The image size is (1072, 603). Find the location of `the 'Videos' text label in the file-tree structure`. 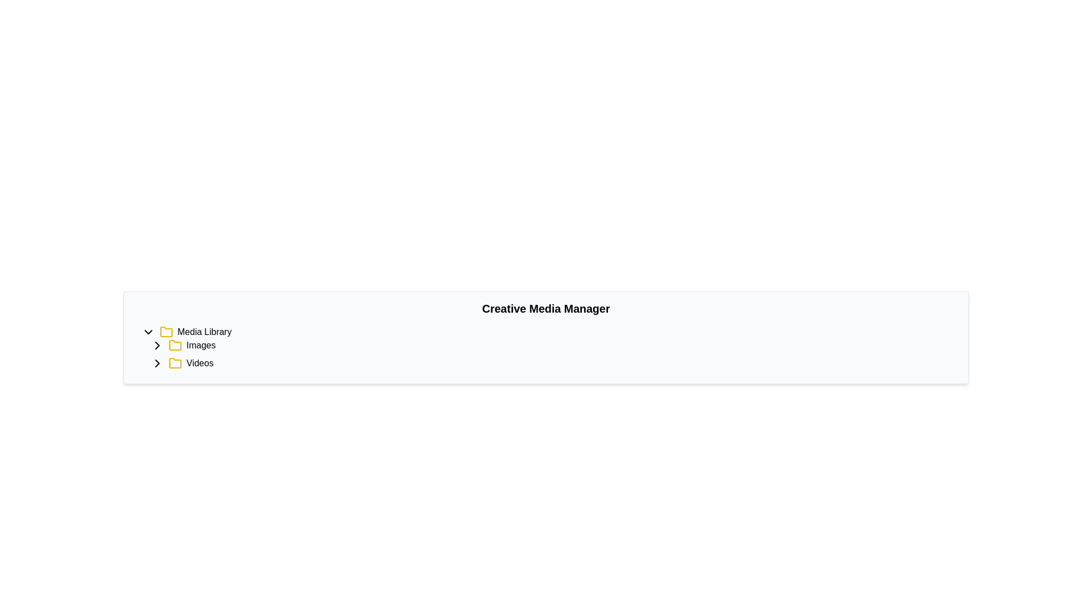

the 'Videos' text label in the file-tree structure is located at coordinates (200, 363).